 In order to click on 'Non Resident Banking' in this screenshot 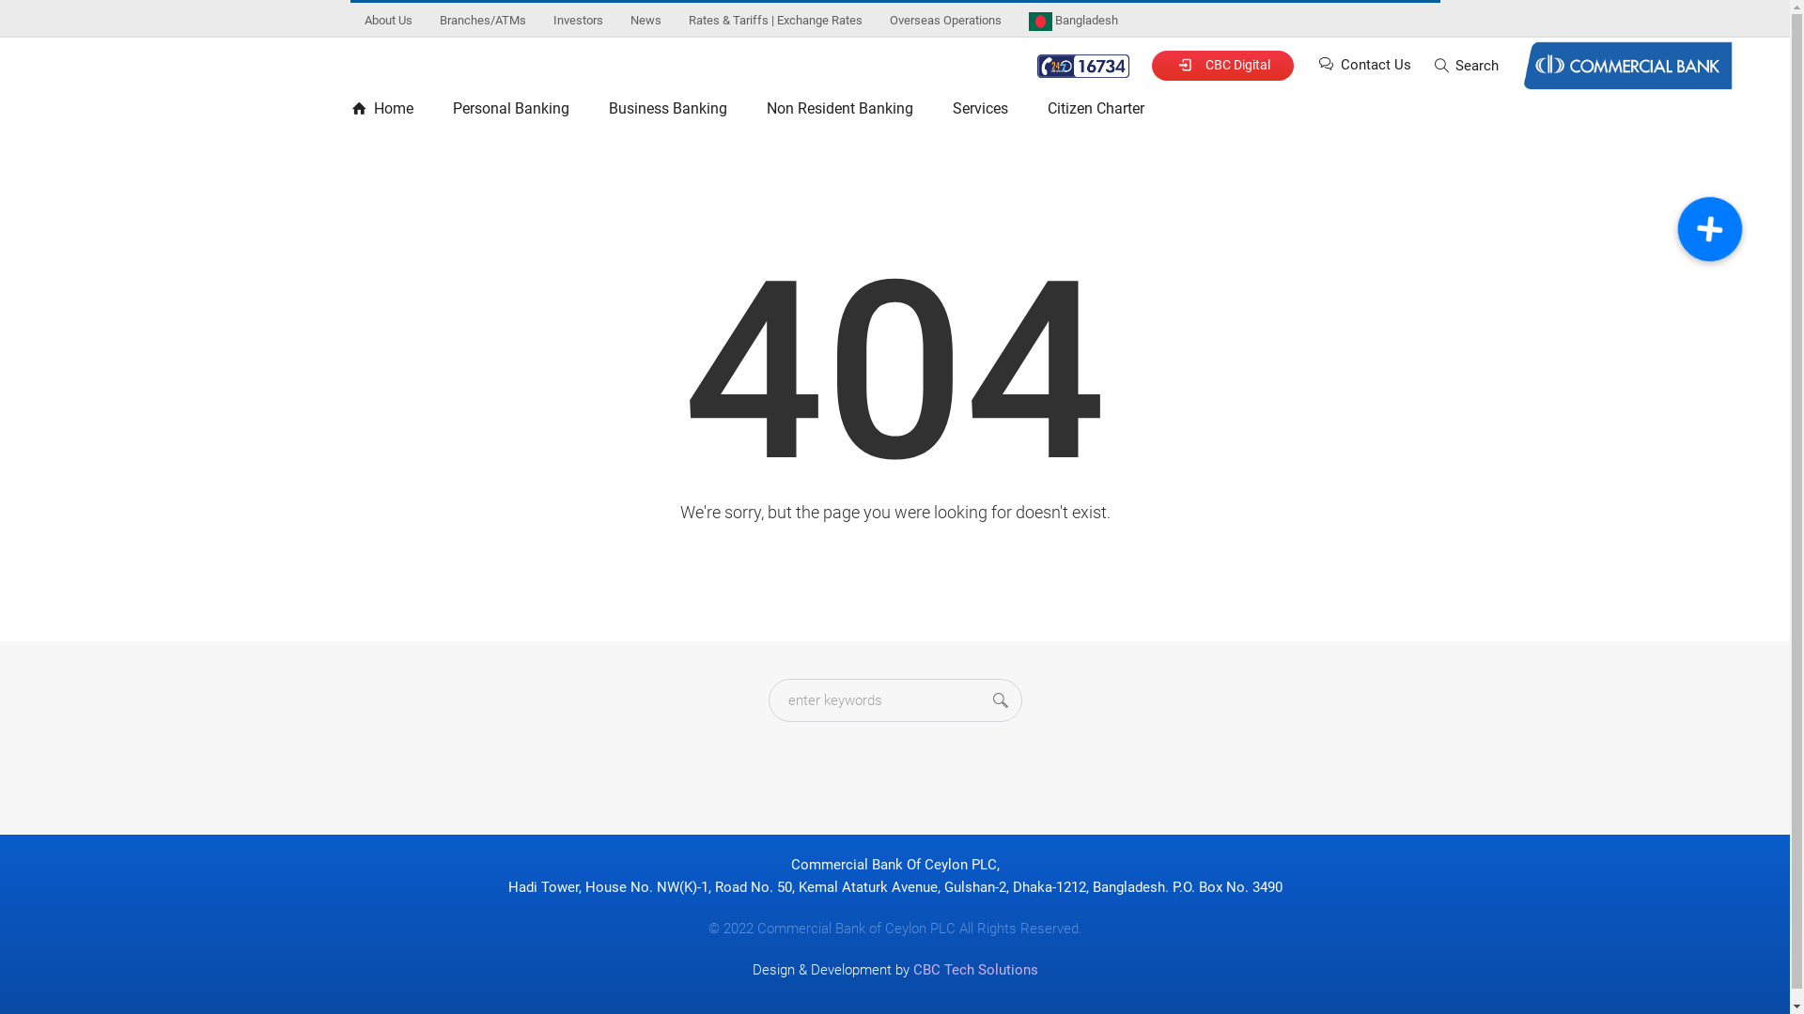, I will do `click(837, 112)`.